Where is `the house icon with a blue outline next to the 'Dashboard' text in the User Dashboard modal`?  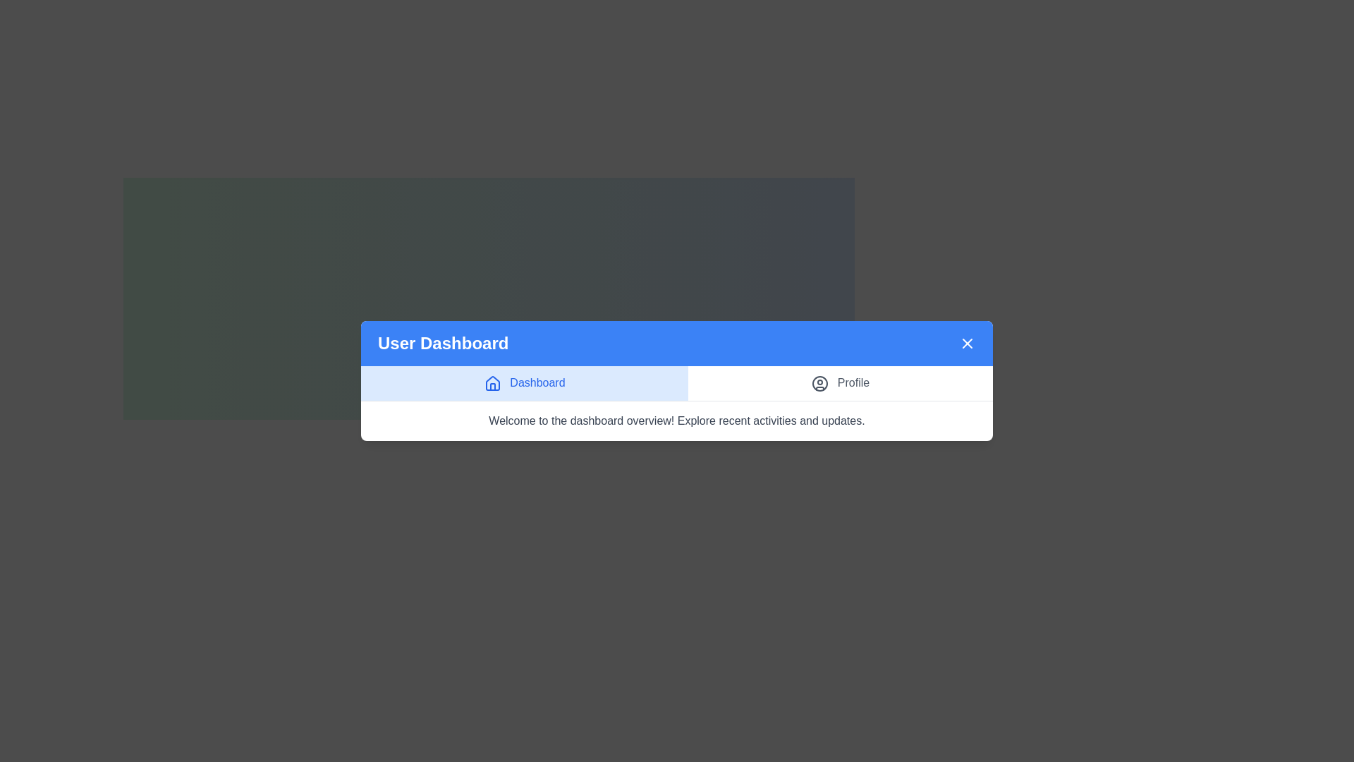
the house icon with a blue outline next to the 'Dashboard' text in the User Dashboard modal is located at coordinates (492, 383).